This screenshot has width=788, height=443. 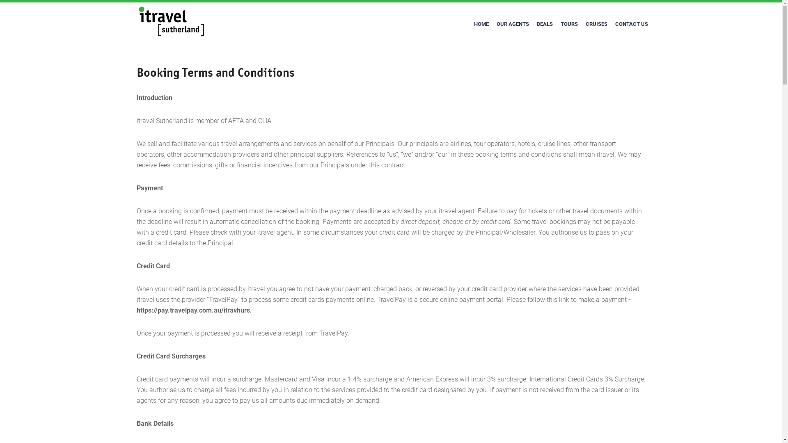 What do you see at coordinates (581, 23) in the screenshot?
I see `'CRUISES'` at bounding box center [581, 23].